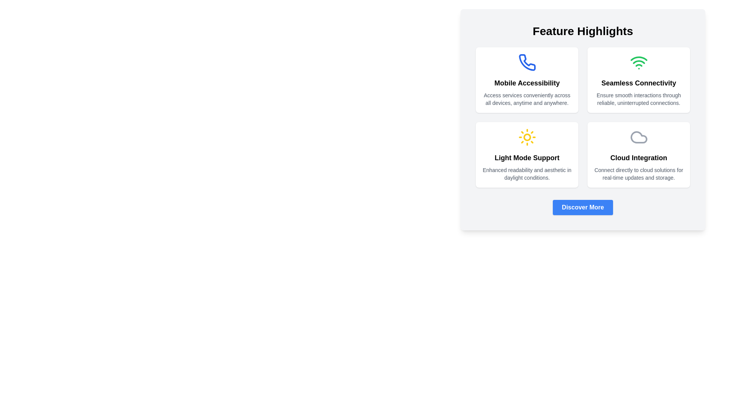  I want to click on the Feature card that communicates the reliable and uninterrupted connectivity feature, located in the top row of the grid layout, to observe possible visual feedback, so click(639, 80).